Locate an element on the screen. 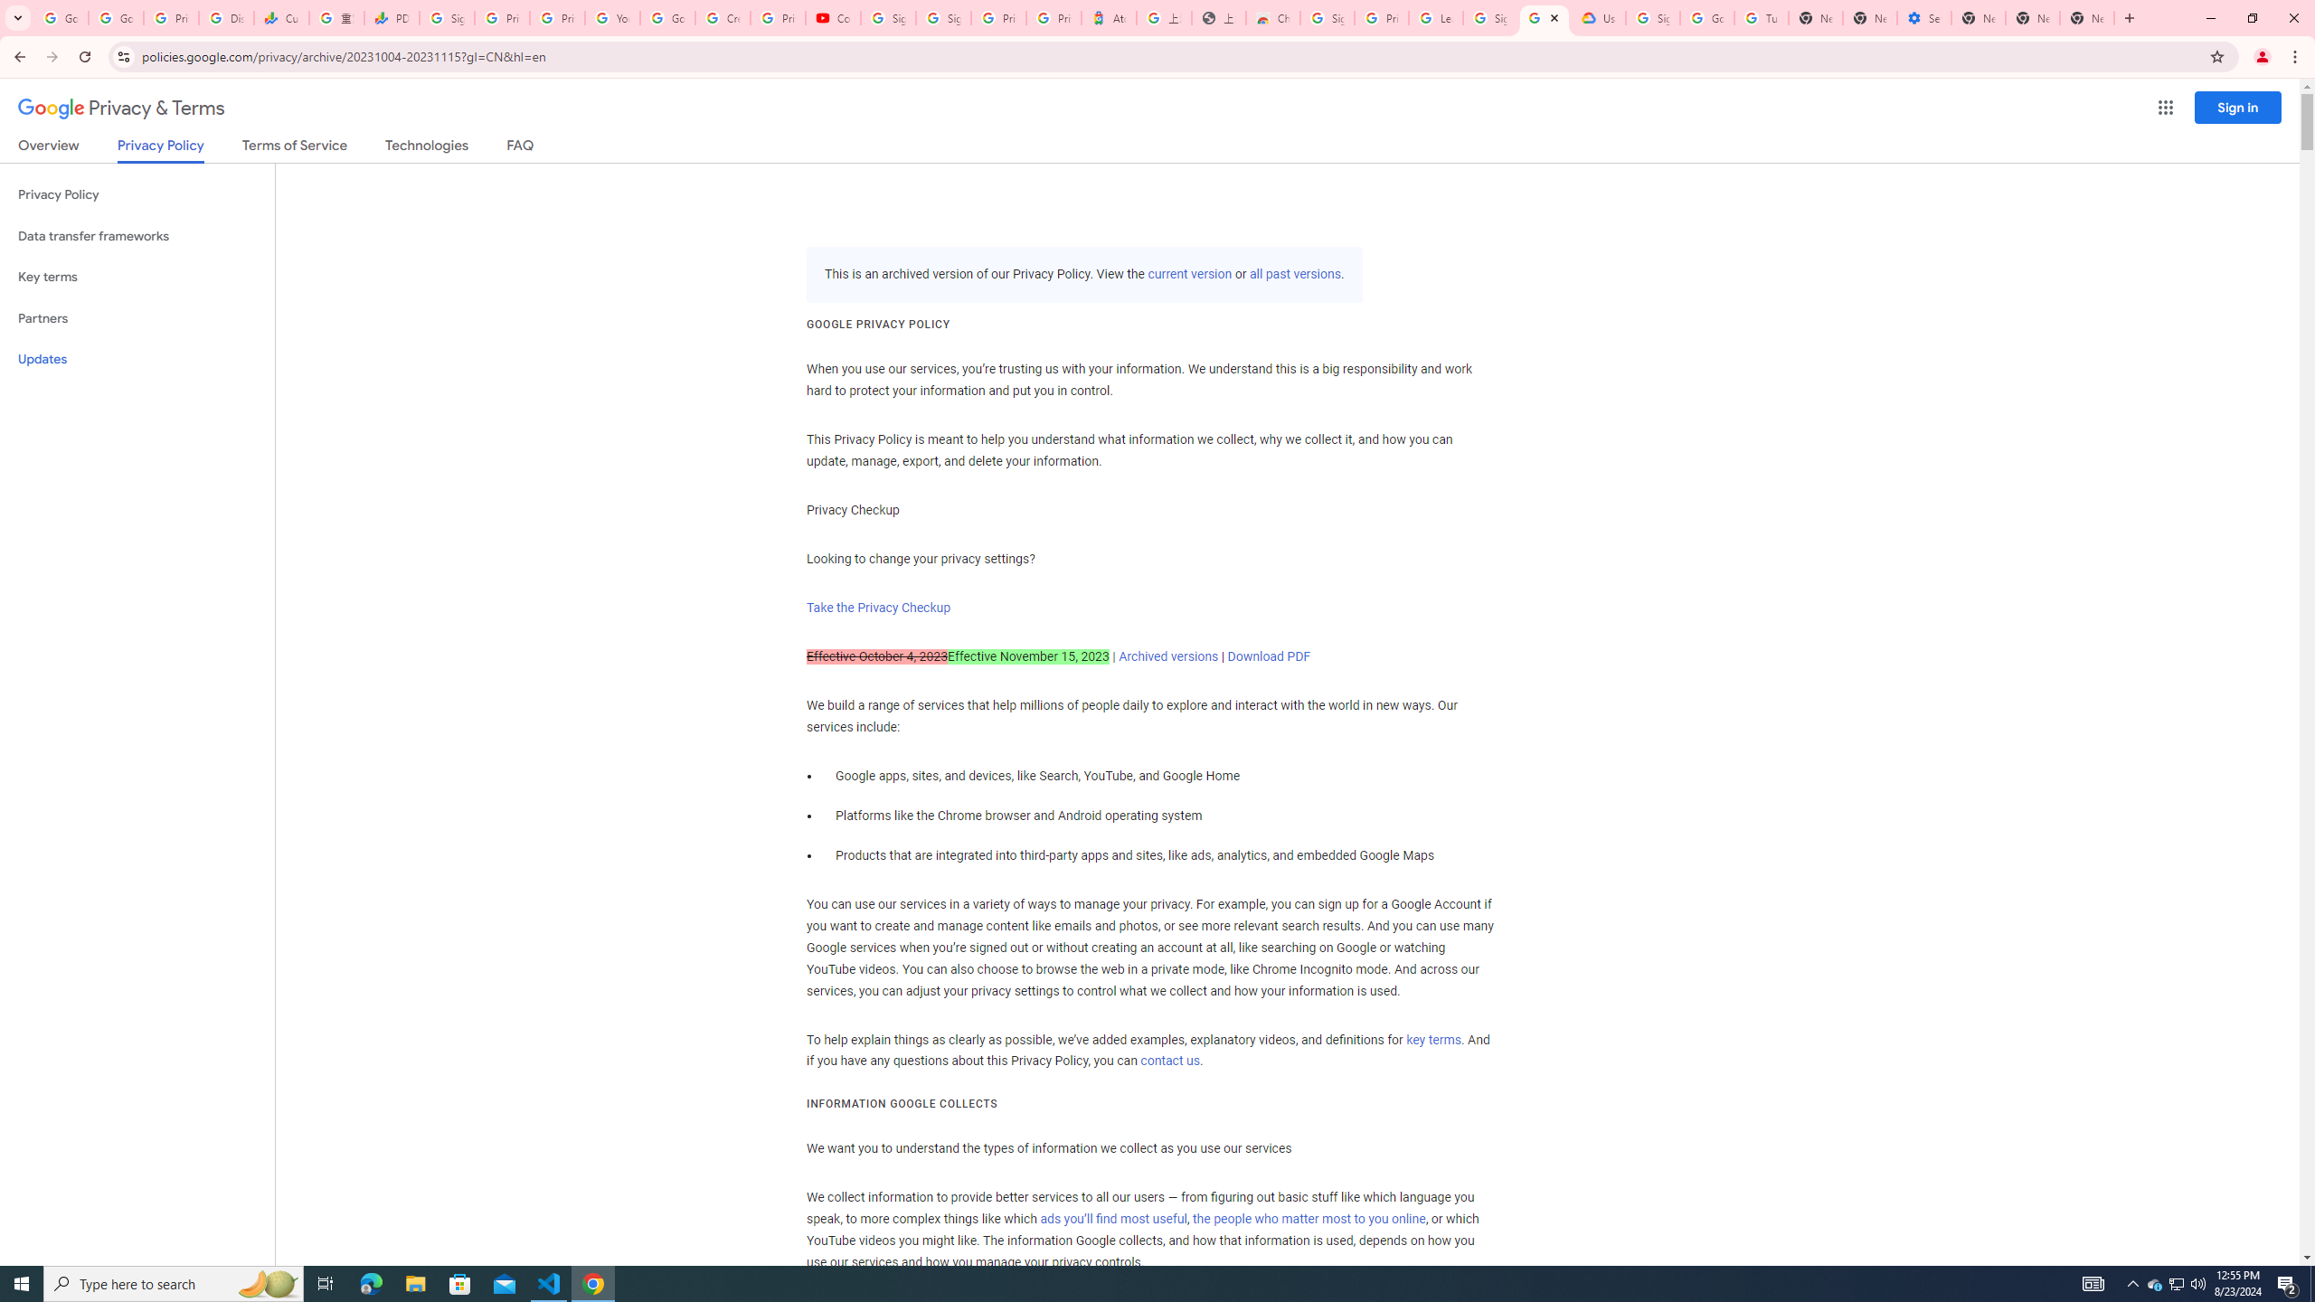 The image size is (2315, 1302). 'contact us' is located at coordinates (1169, 1061).